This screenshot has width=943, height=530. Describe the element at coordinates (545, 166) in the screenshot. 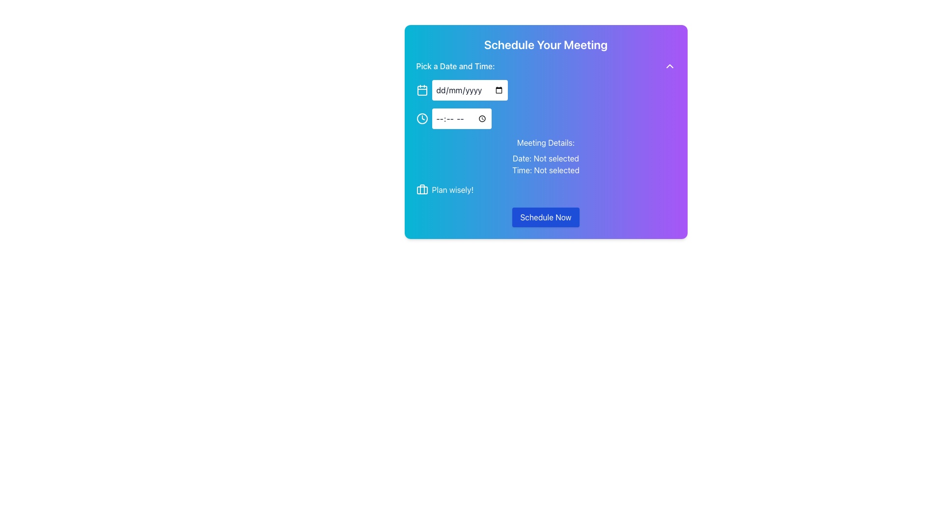

I see `text content of the Text Display showing meeting details, which includes 'Meeting Details:', 'Date: Not selected', 'Time: Not selected', and 'Plan wisely!'` at that location.